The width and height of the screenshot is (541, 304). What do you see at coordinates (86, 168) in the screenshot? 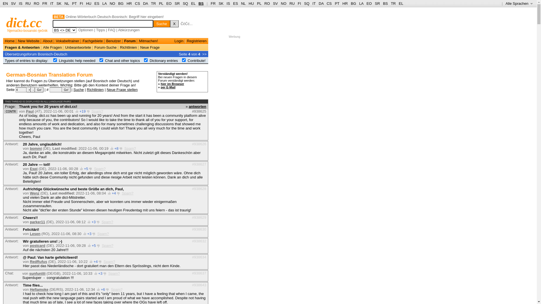
I see `'+5'` at bounding box center [86, 168].